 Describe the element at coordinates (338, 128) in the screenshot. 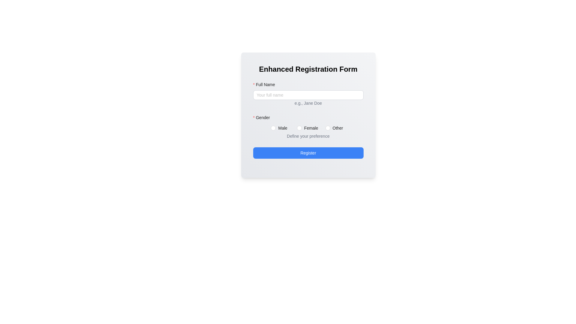

I see `the radio button associated with the 'Other' option in the gender selection group, which is positioned to the right of the 'Female' option in the registration form` at that location.